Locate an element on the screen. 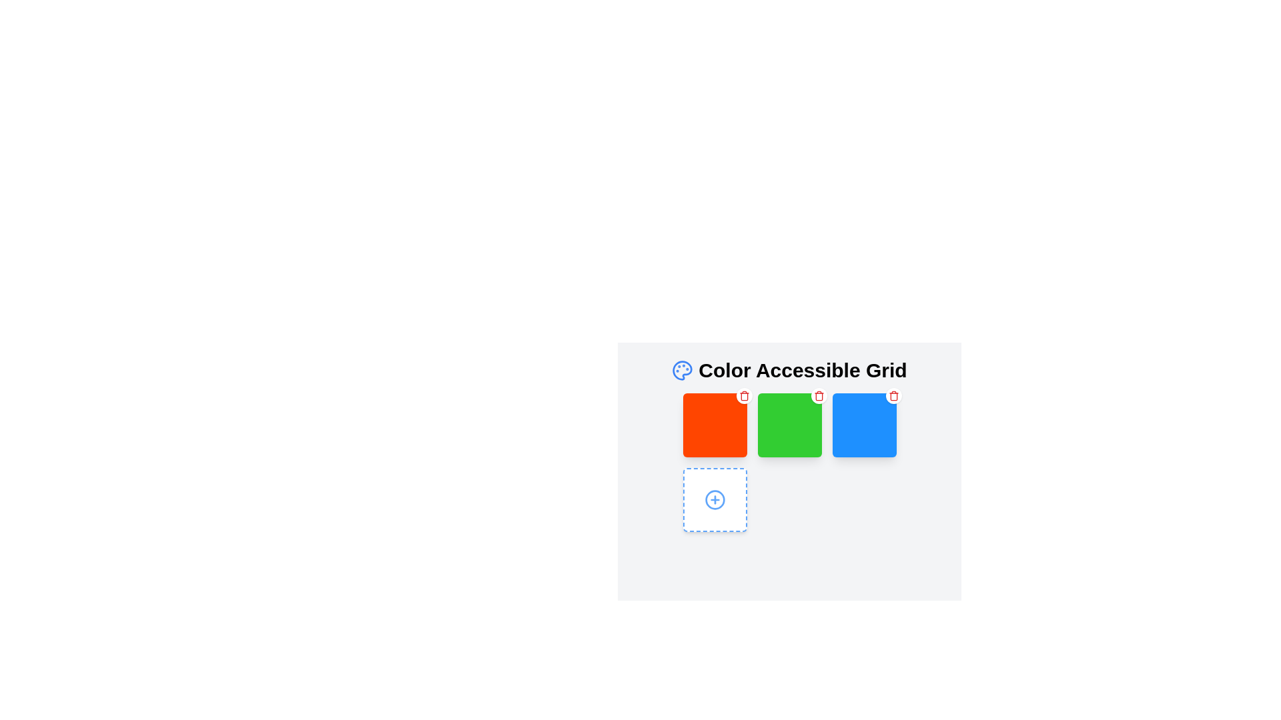  the circular blue icon button with a plus sign located in the fourth cell of a grid is located at coordinates (714, 499).